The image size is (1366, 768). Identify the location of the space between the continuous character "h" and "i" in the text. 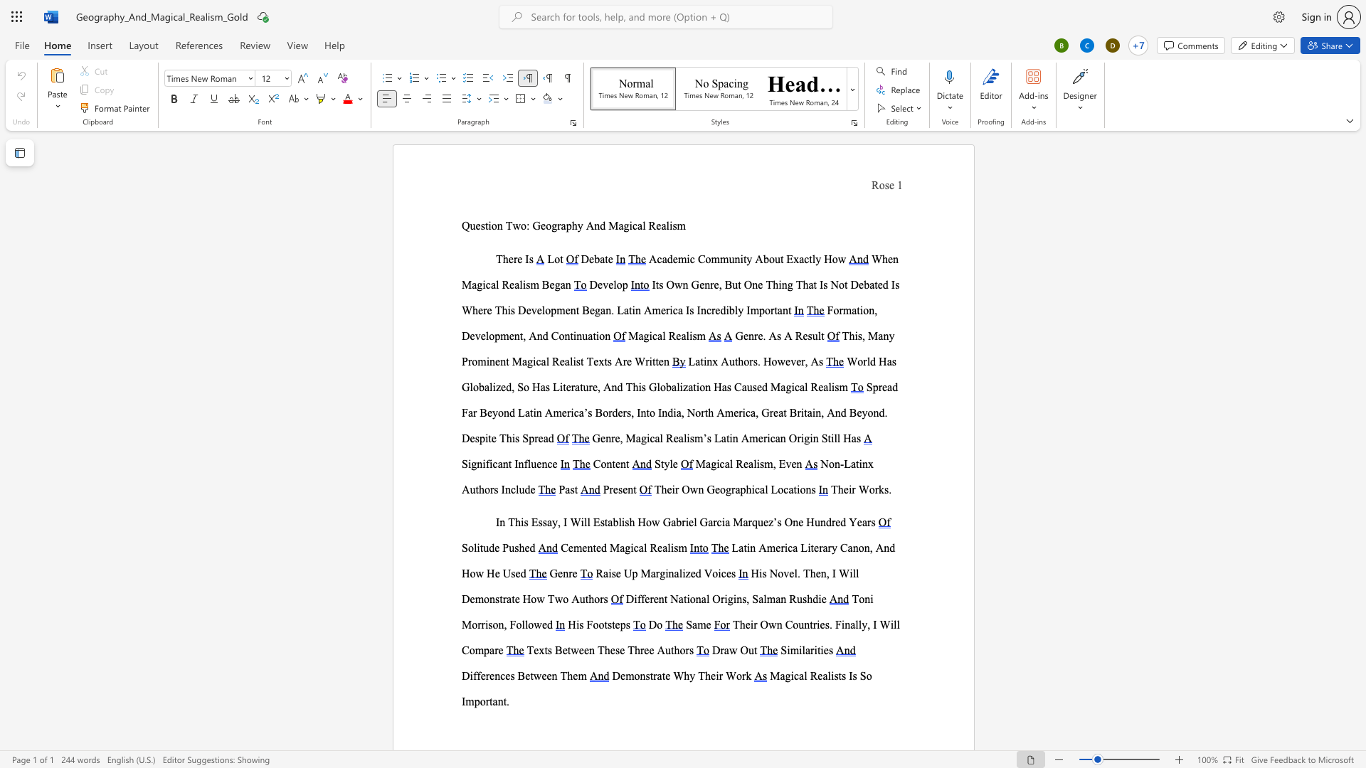
(519, 522).